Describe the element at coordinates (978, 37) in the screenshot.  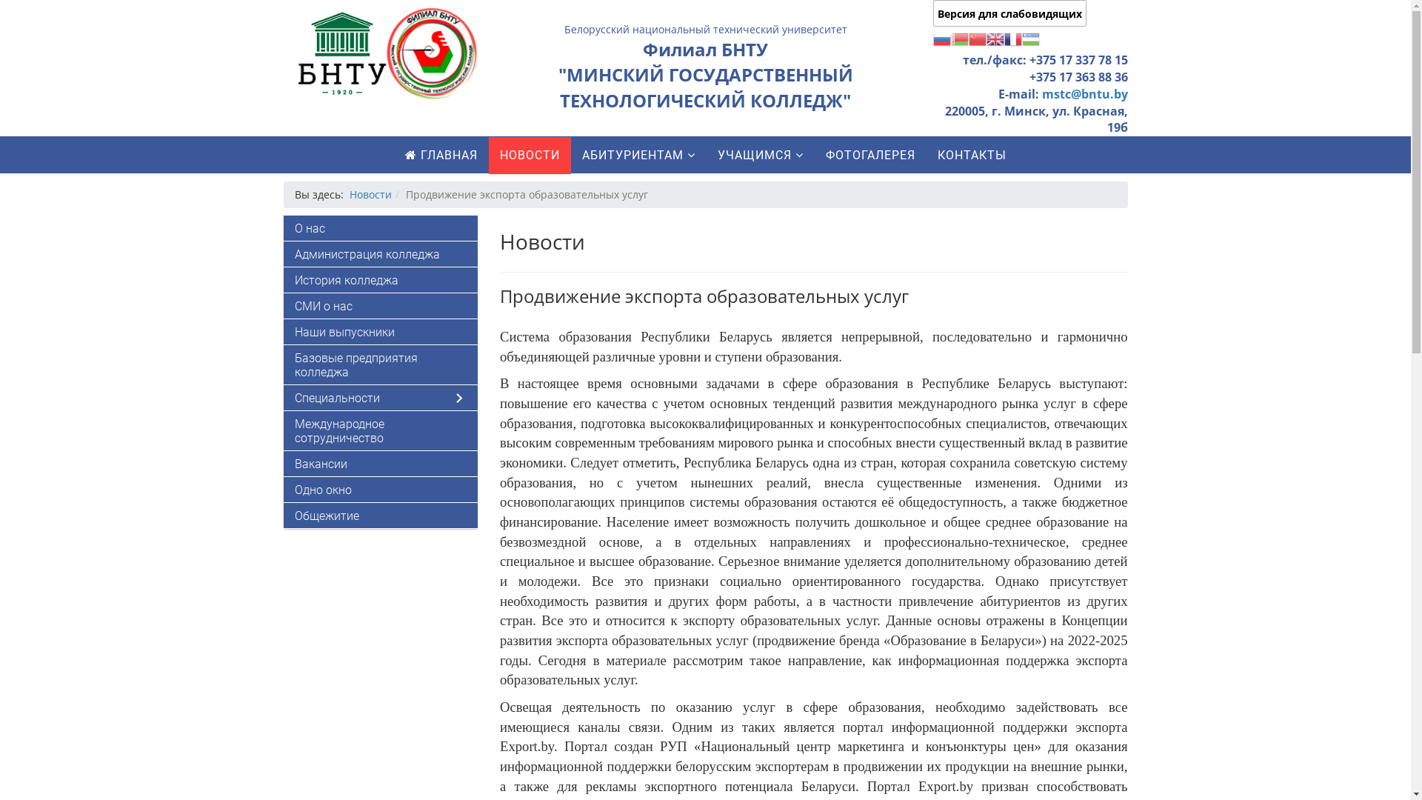
I see `'Chinese (Simplified)'` at that location.